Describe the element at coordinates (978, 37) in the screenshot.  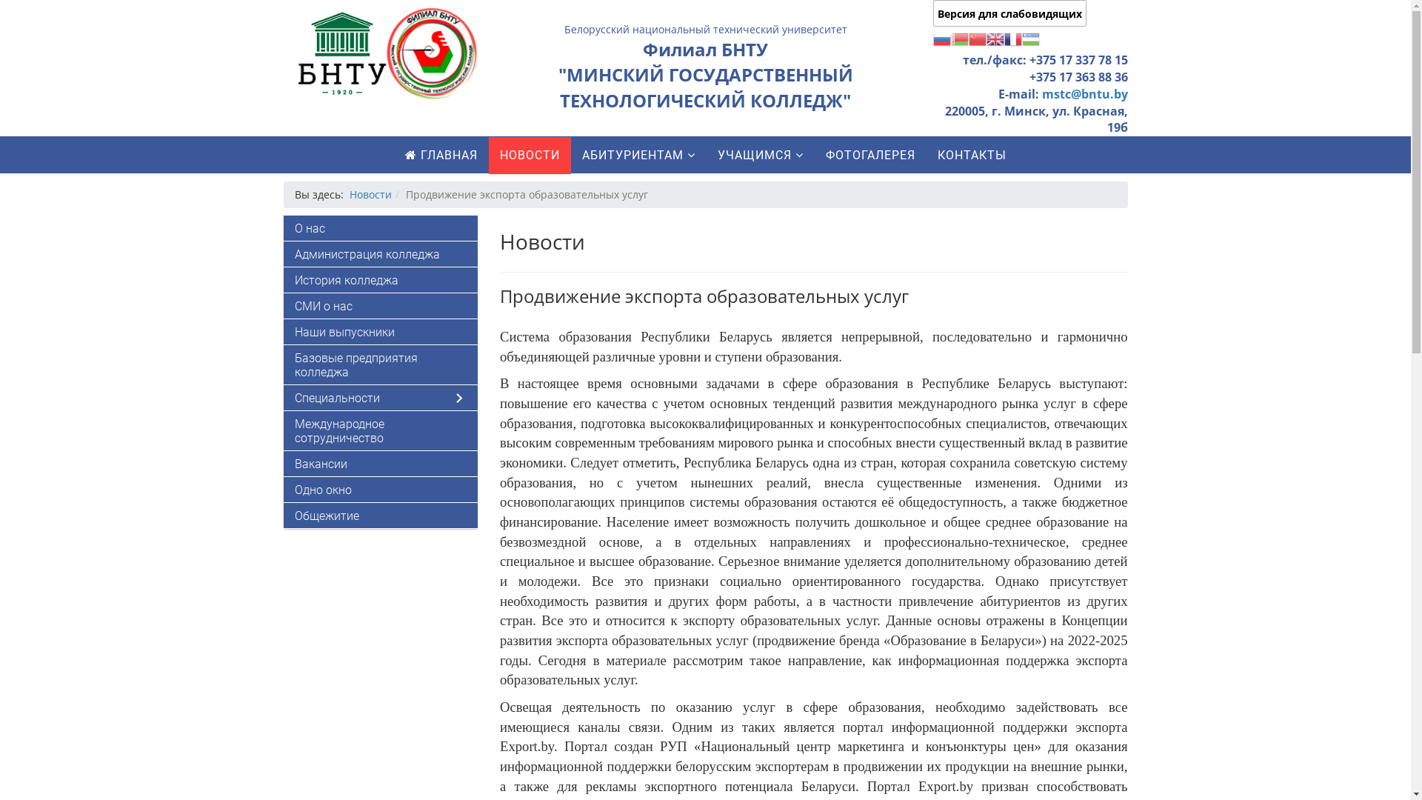
I see `'Chinese (Simplified)'` at that location.